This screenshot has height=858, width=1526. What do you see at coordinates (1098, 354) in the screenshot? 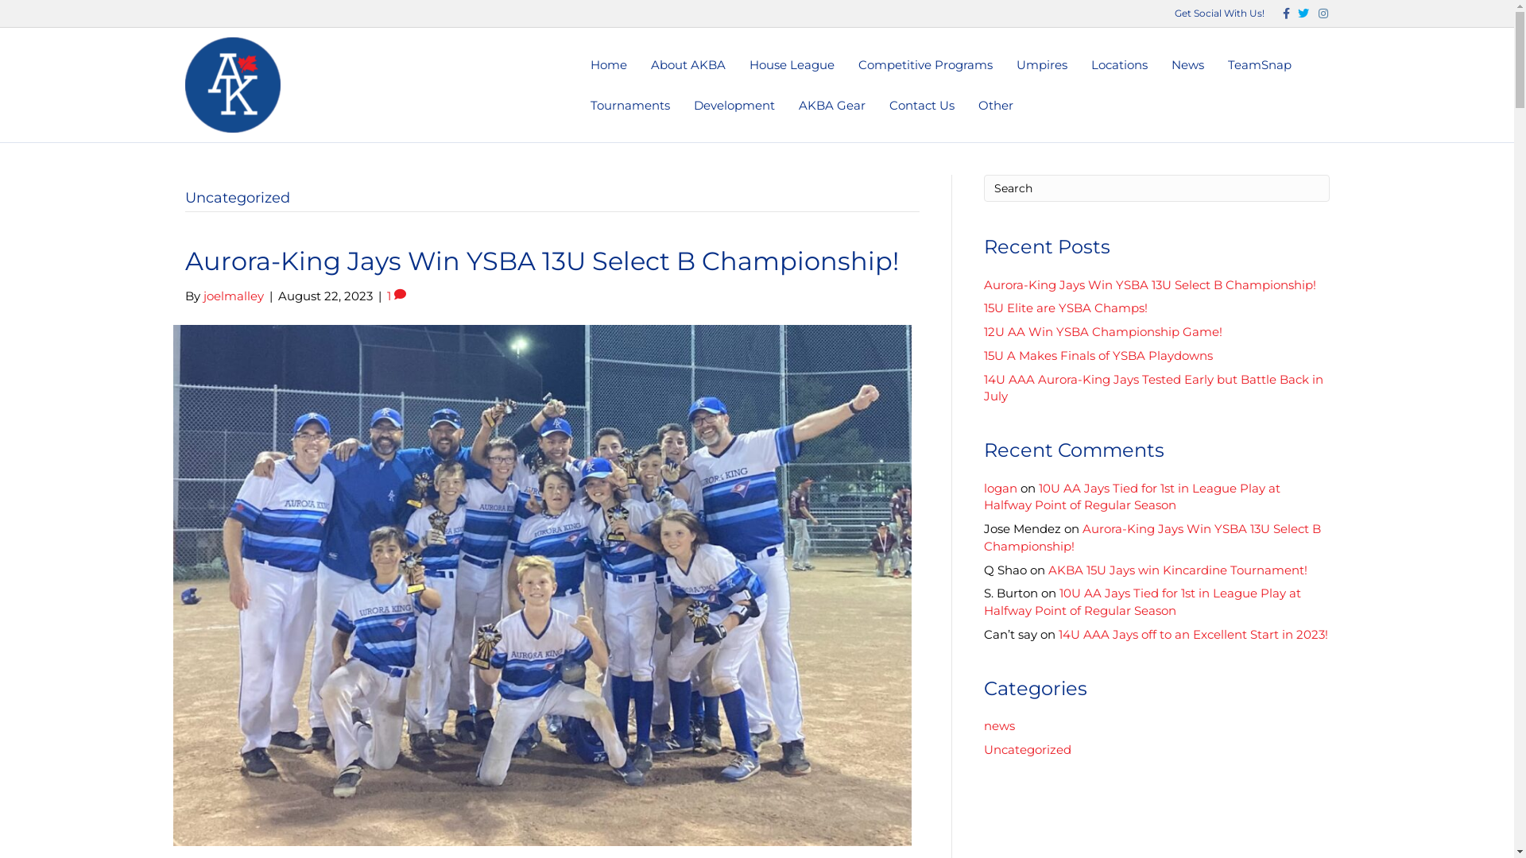
I see `'15U A Makes Finals of YSBA Playdowns'` at bounding box center [1098, 354].